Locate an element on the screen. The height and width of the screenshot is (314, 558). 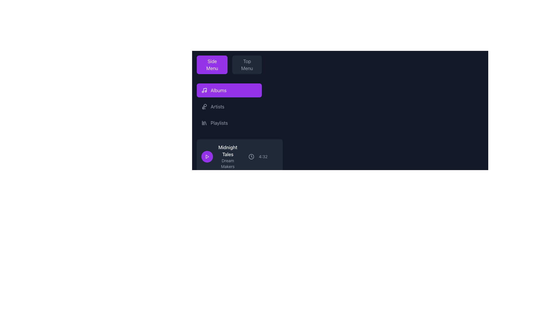
the navigation button labeled 'Playlists' located at the bottom of the vertical stack of buttons is located at coordinates (229, 123).